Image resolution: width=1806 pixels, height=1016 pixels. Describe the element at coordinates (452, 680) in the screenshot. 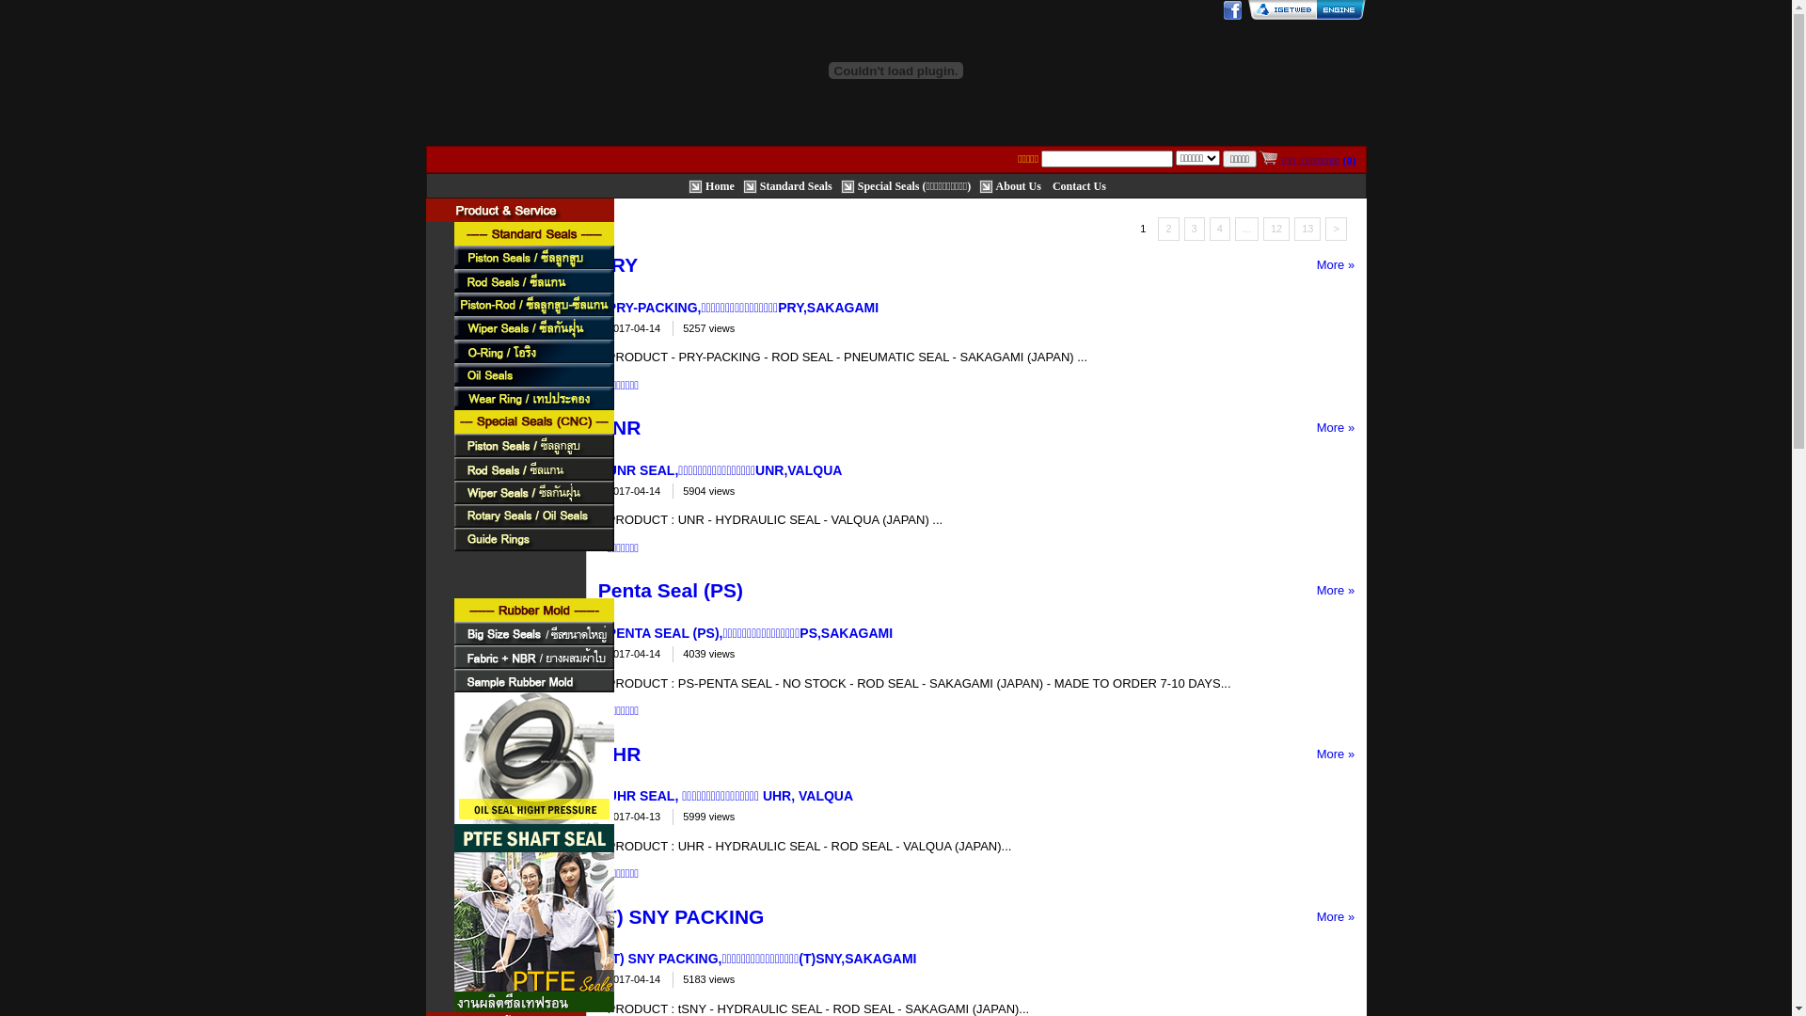

I see `'Sample Rubber Mold'` at that location.